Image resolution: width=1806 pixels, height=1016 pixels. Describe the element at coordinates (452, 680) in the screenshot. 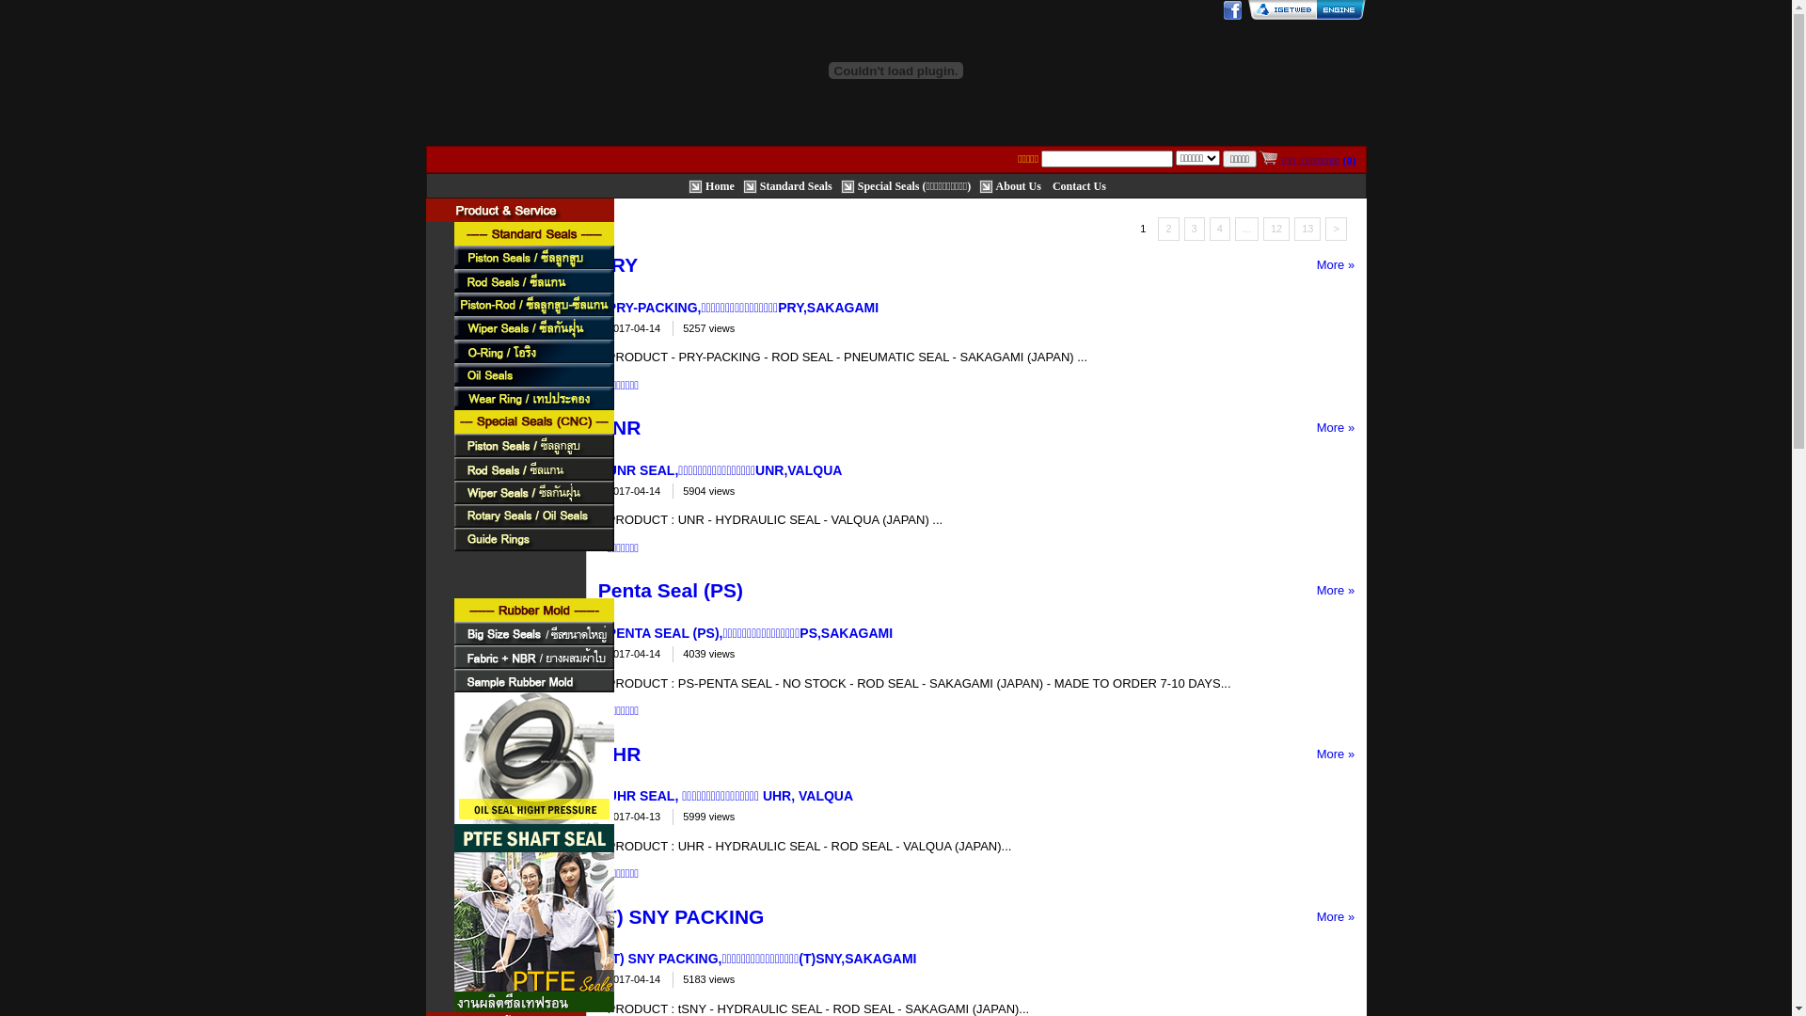

I see `'Sample Rubber Mold'` at that location.